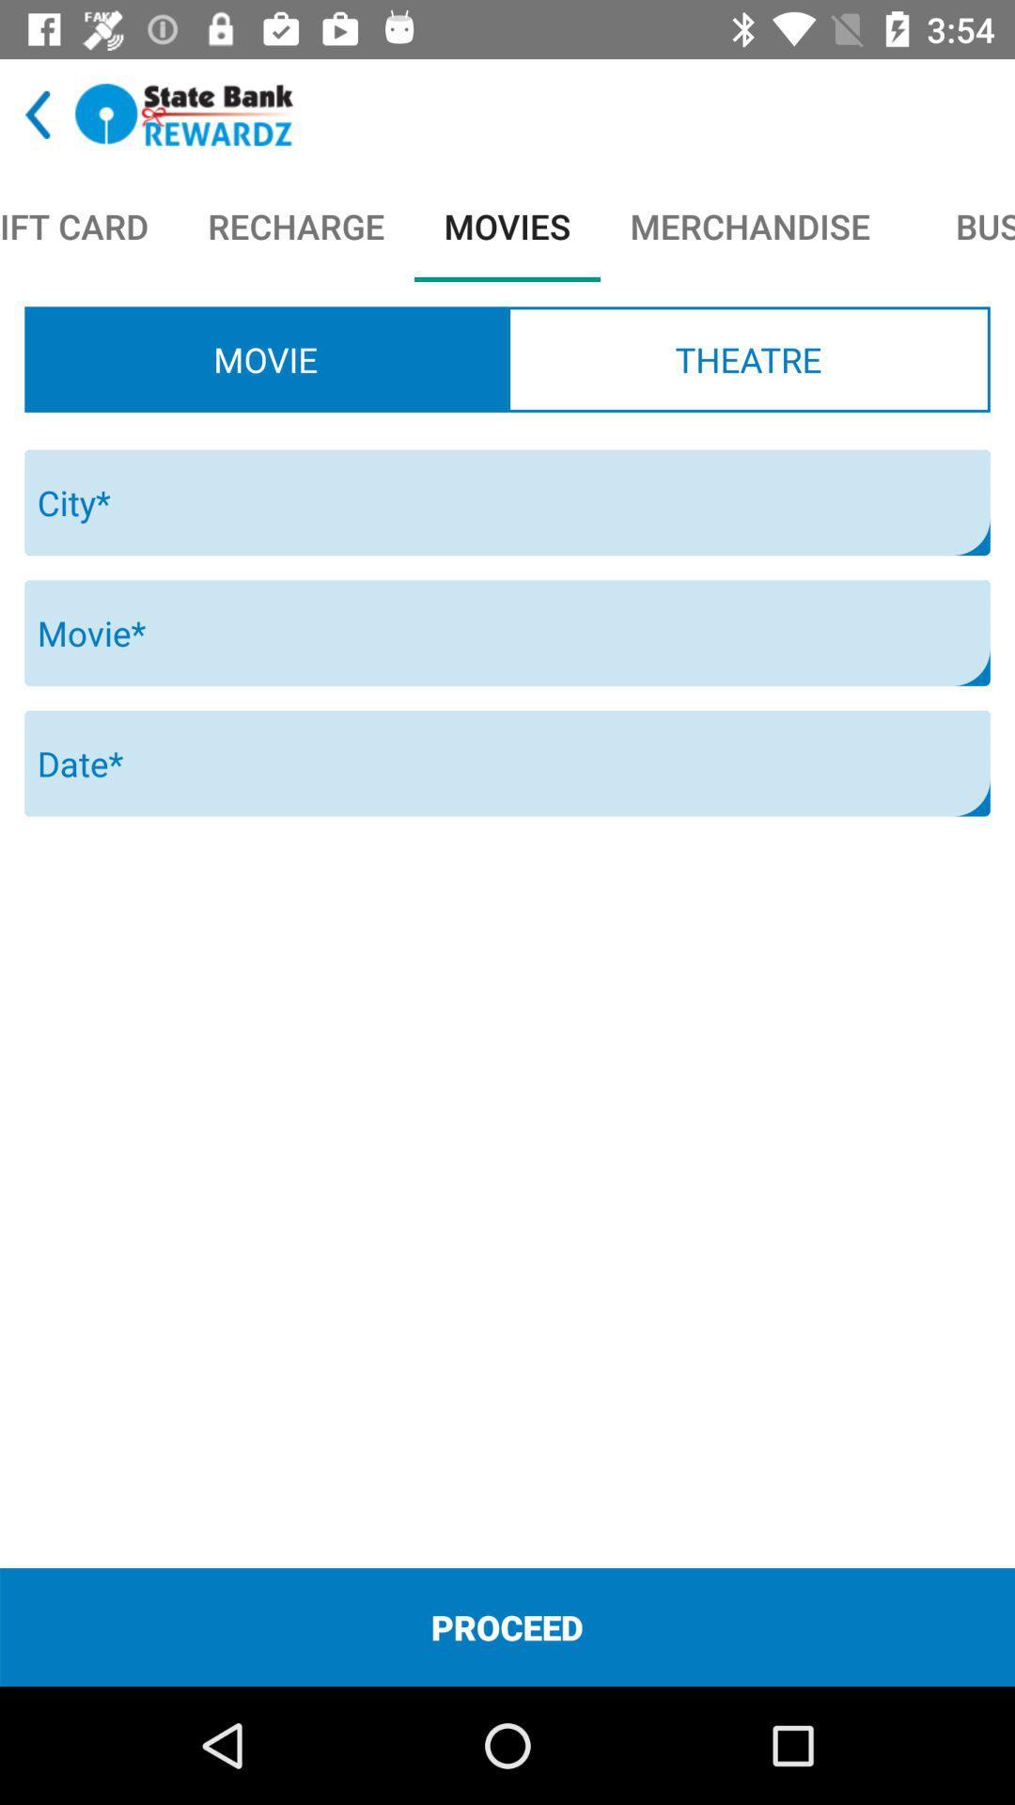 The width and height of the screenshot is (1015, 1805). What do you see at coordinates (38, 114) in the screenshot?
I see `go back` at bounding box center [38, 114].